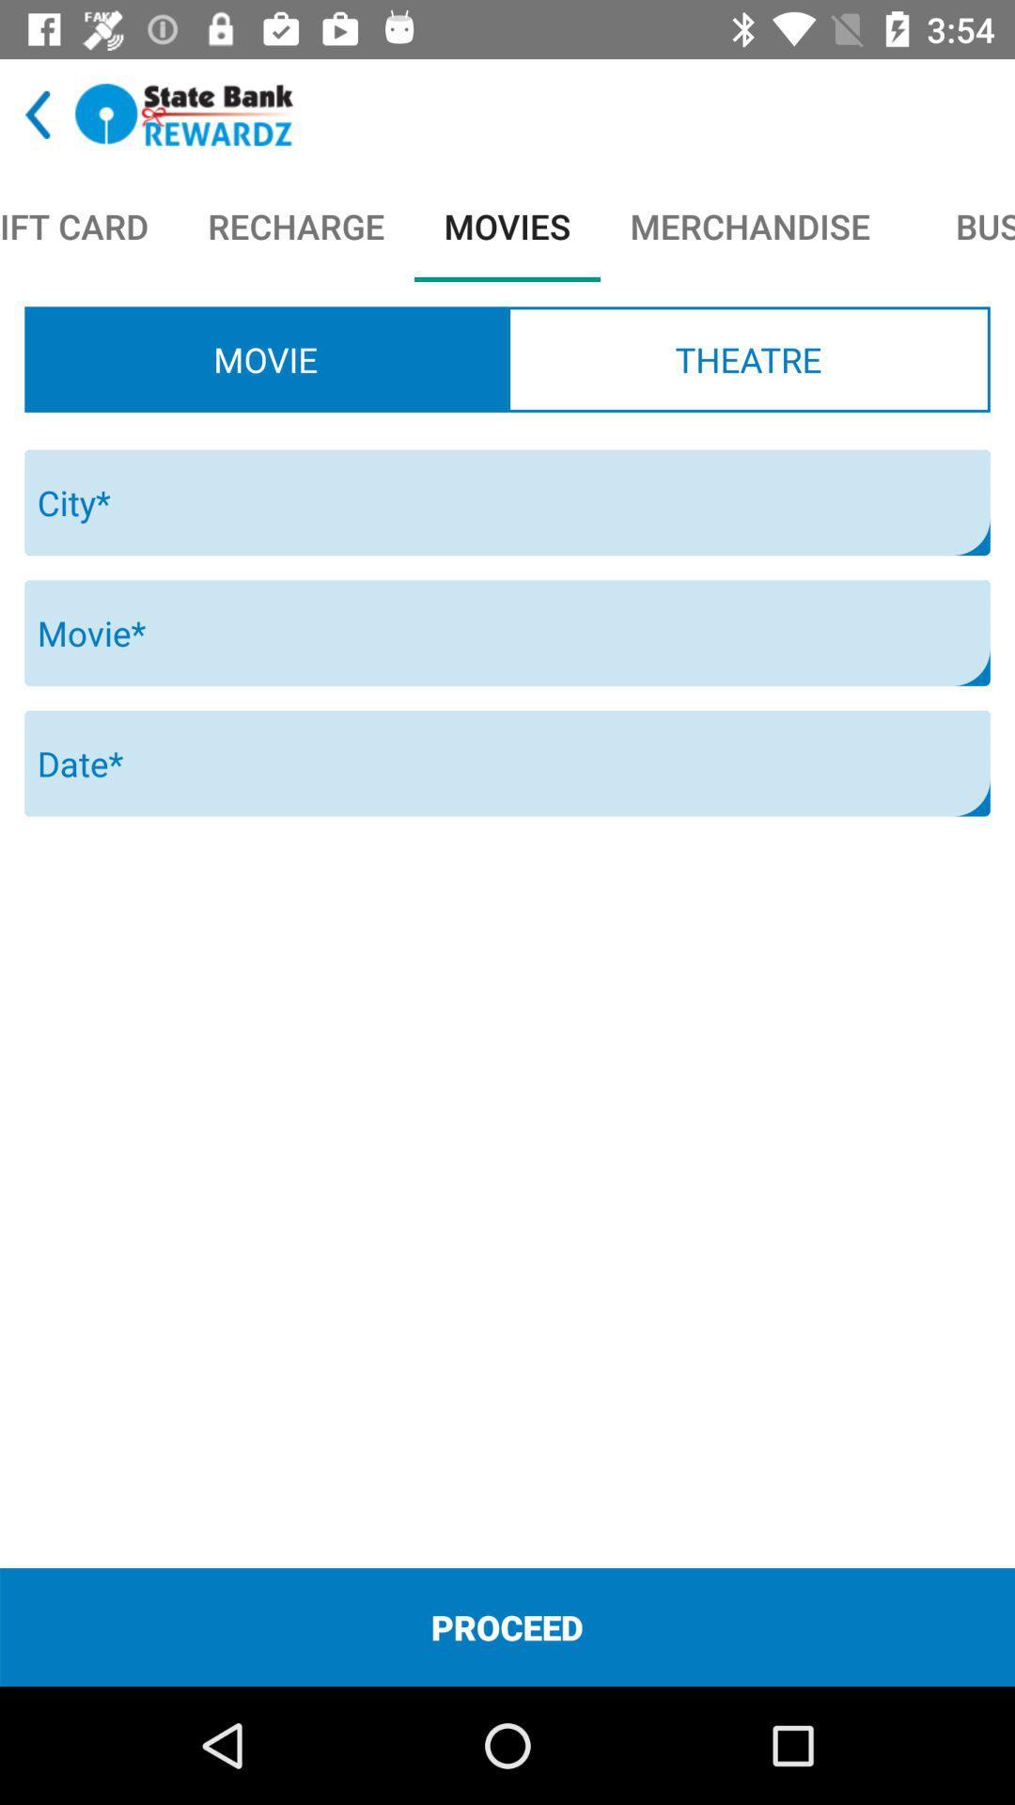 The width and height of the screenshot is (1015, 1805). What do you see at coordinates (38, 114) in the screenshot?
I see `go back` at bounding box center [38, 114].